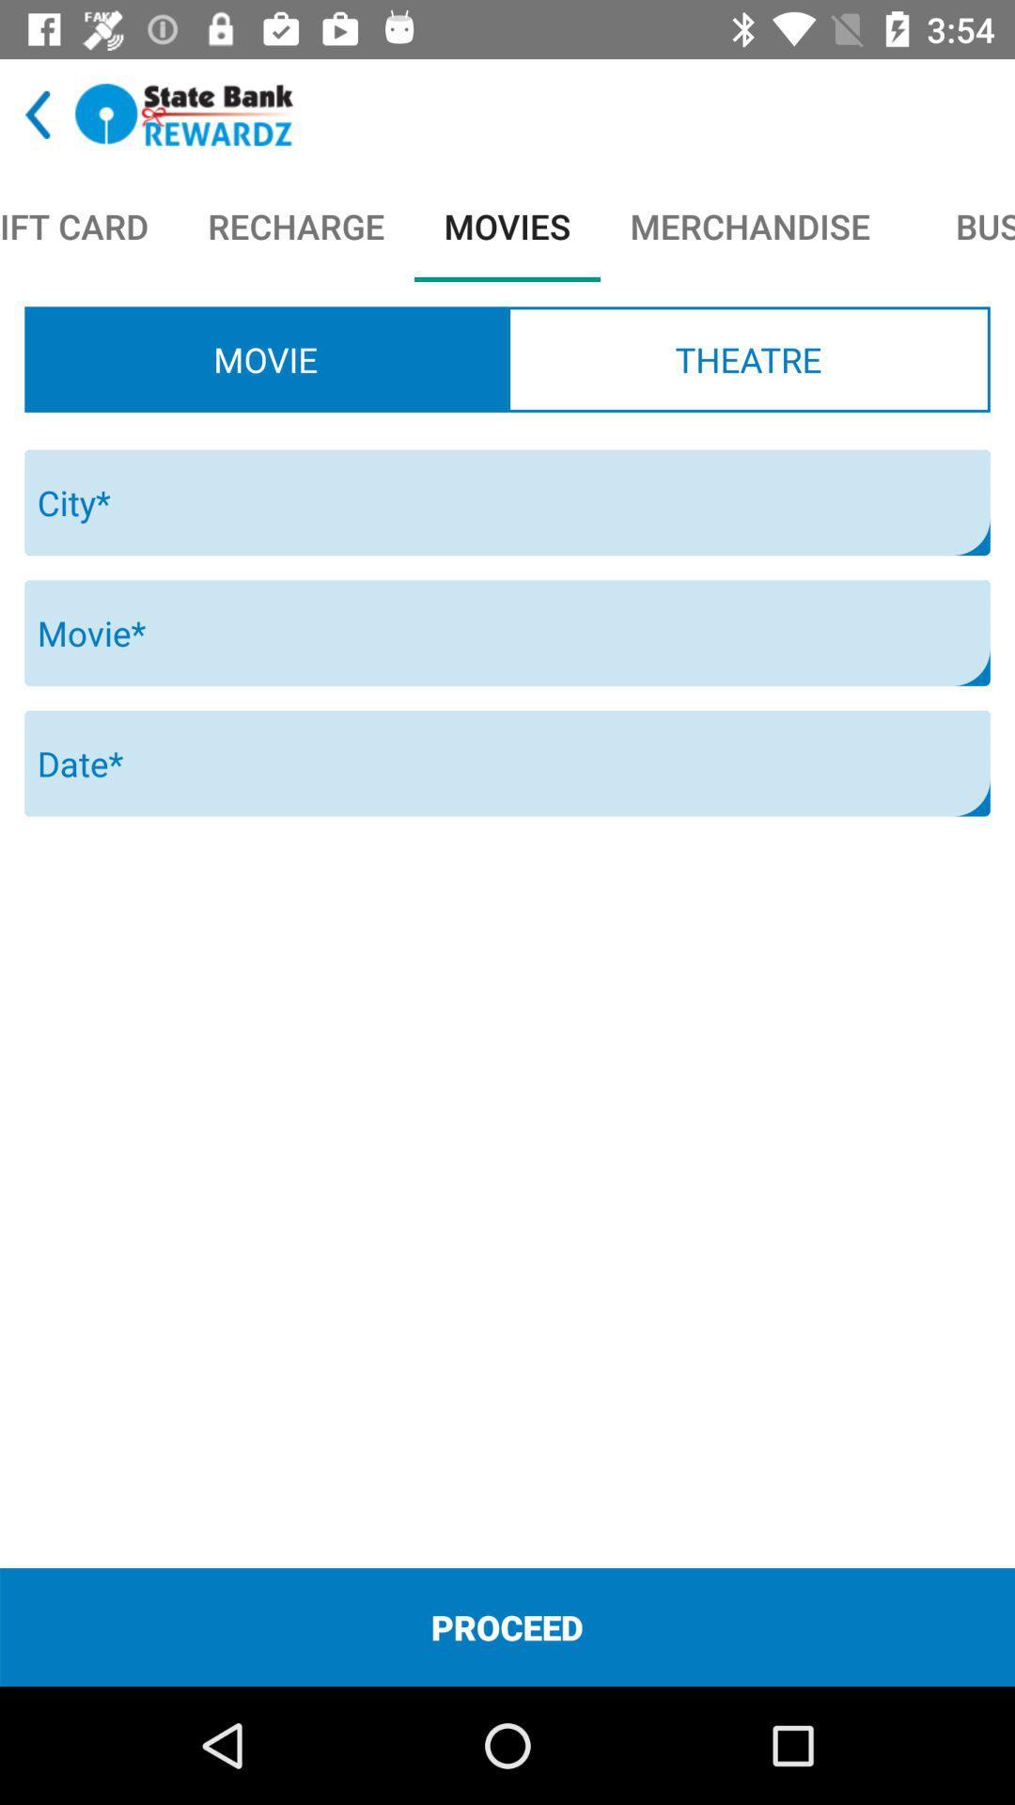 The width and height of the screenshot is (1015, 1805). What do you see at coordinates (38, 114) in the screenshot?
I see `go back` at bounding box center [38, 114].